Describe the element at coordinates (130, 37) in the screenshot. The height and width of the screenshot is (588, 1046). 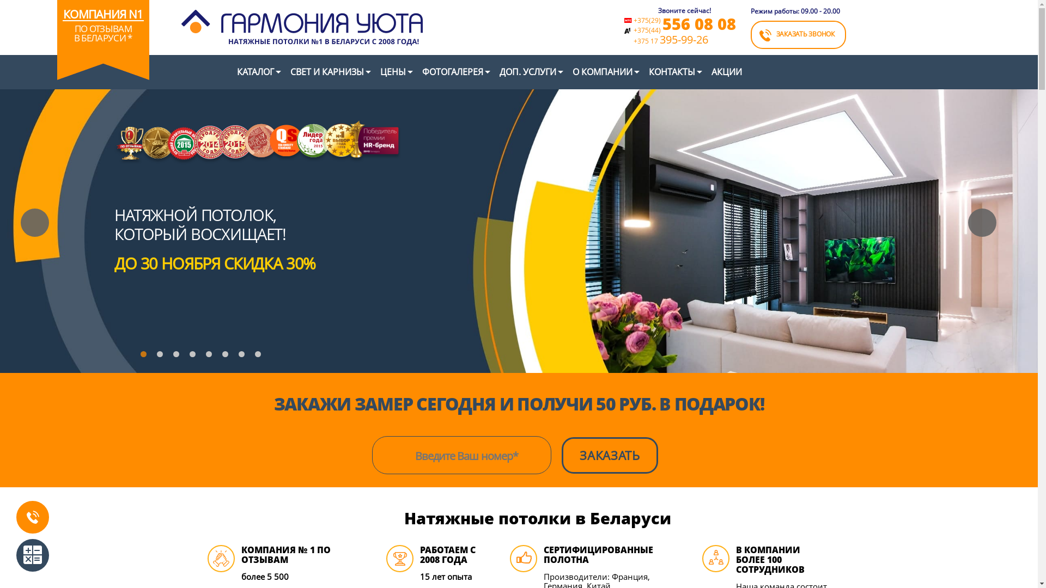
I see `'*'` at that location.